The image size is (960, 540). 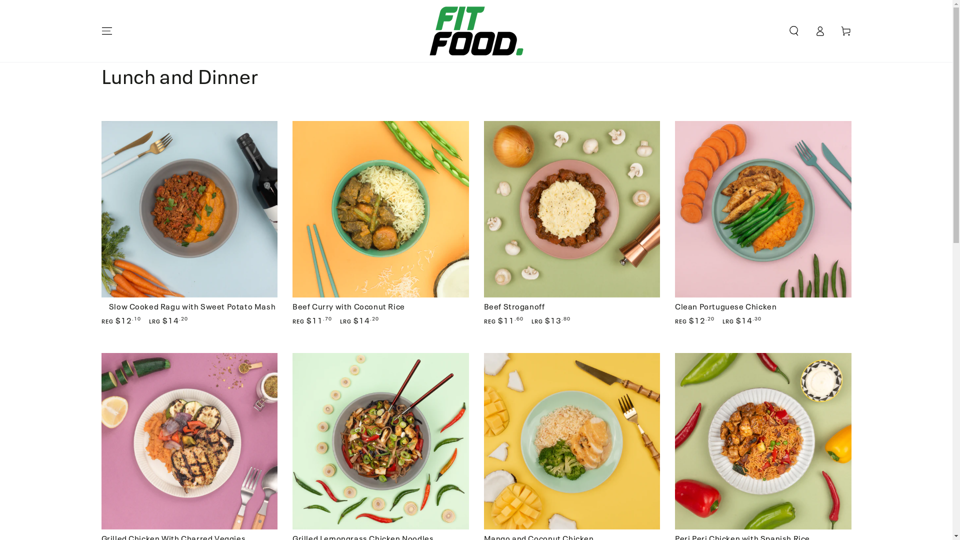 I want to click on 'Beef Curry with Coconut Rice', so click(x=380, y=222).